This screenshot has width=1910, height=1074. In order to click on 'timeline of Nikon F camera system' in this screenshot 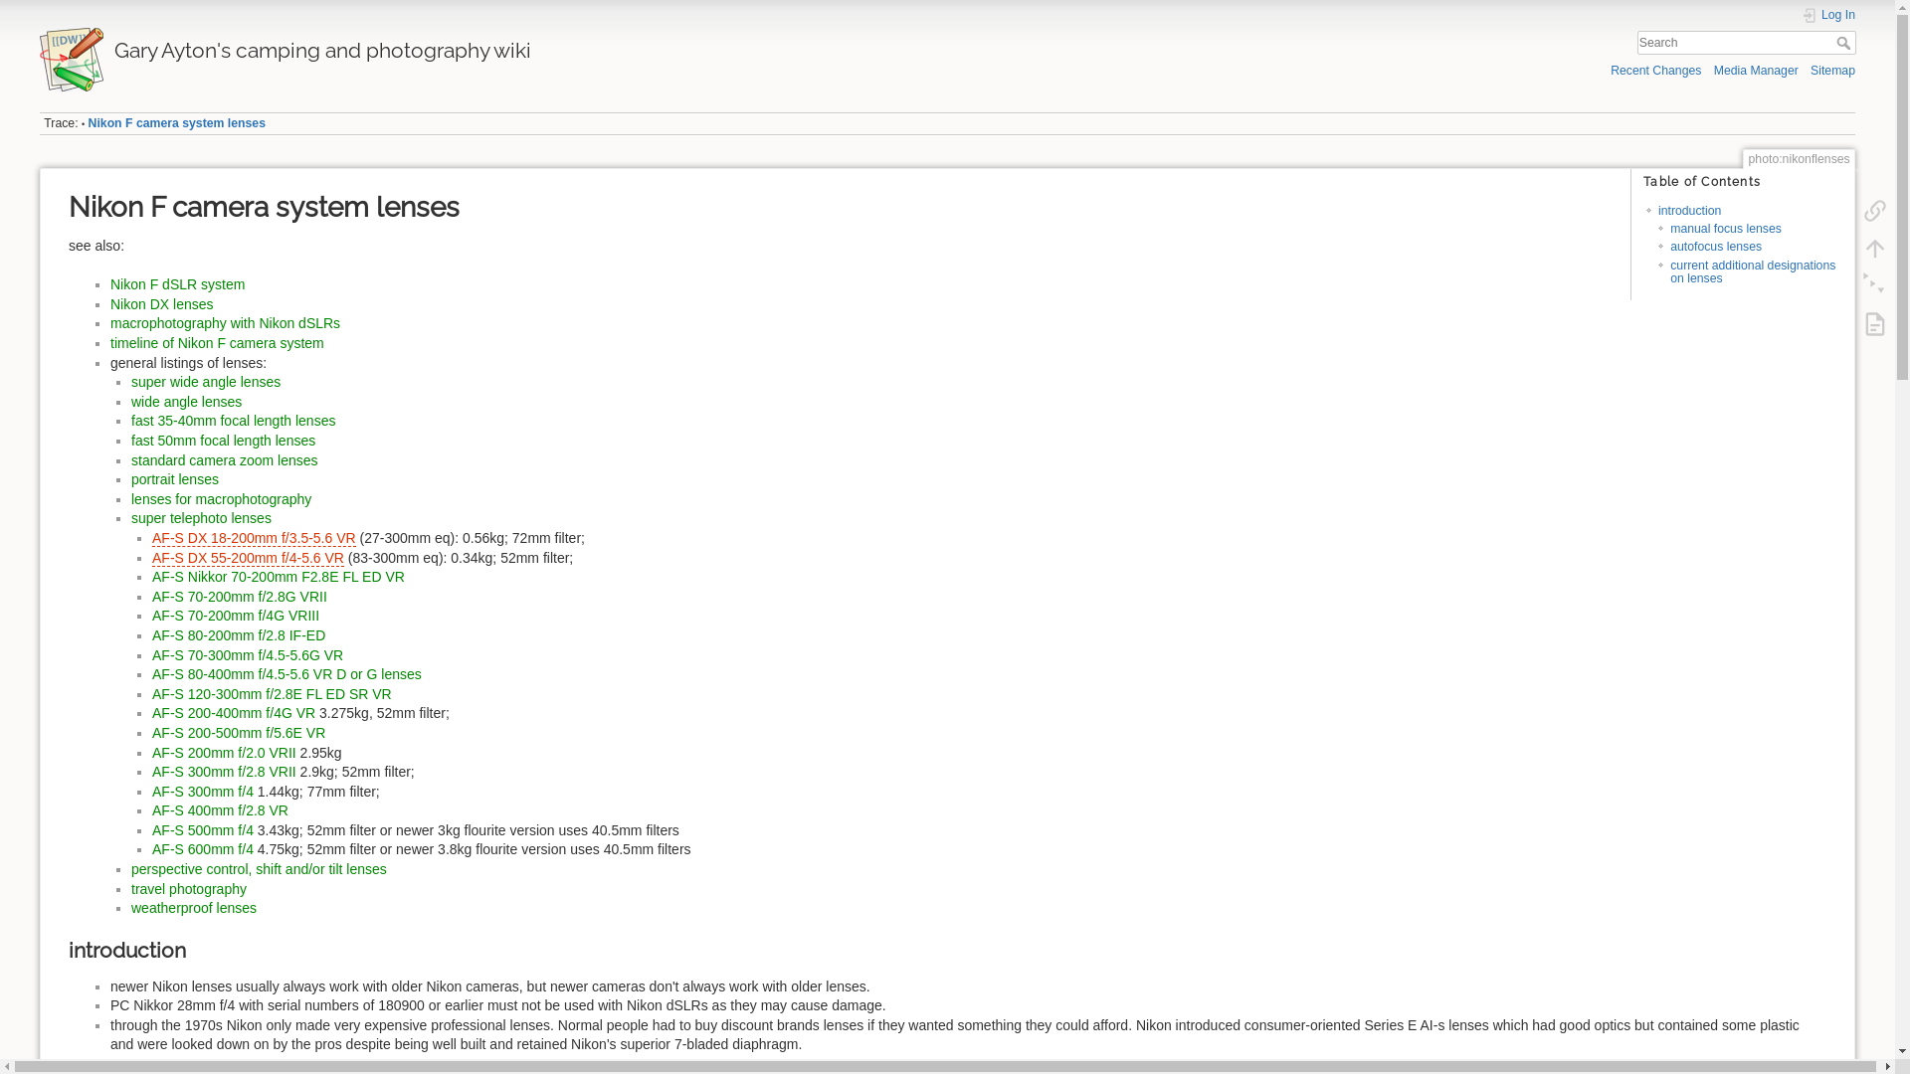, I will do `click(217, 341)`.